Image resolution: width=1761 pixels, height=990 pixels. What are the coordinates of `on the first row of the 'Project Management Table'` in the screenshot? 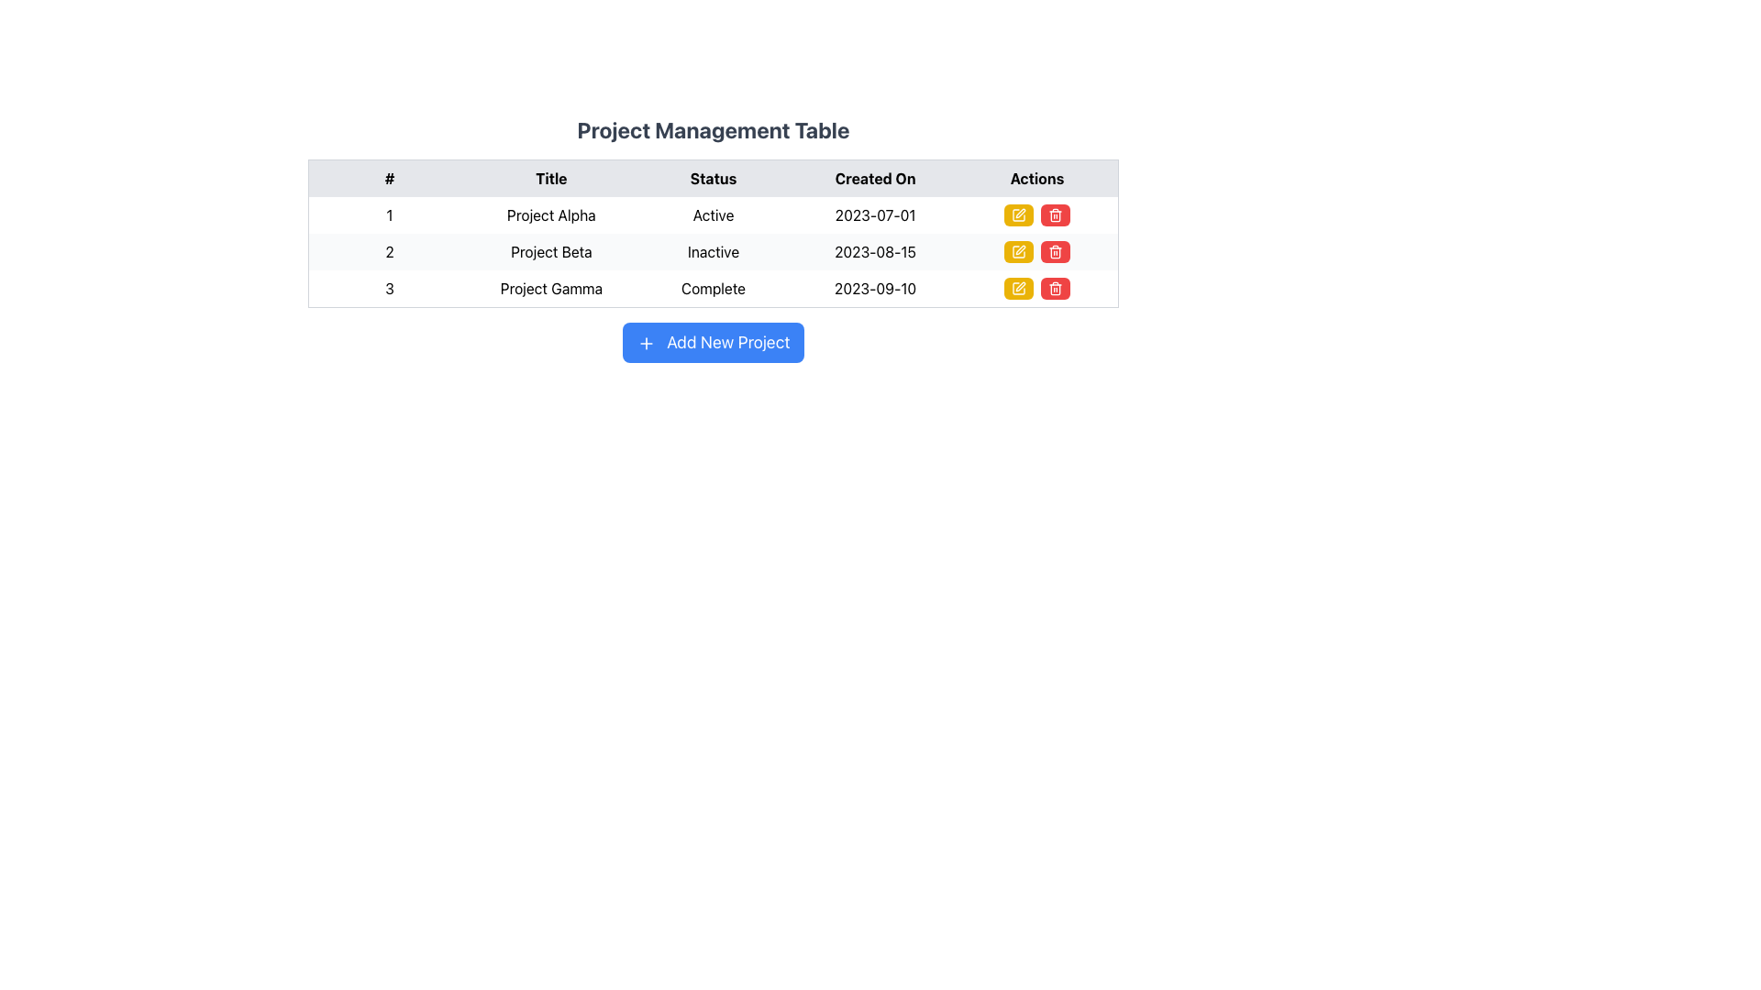 It's located at (712, 214).